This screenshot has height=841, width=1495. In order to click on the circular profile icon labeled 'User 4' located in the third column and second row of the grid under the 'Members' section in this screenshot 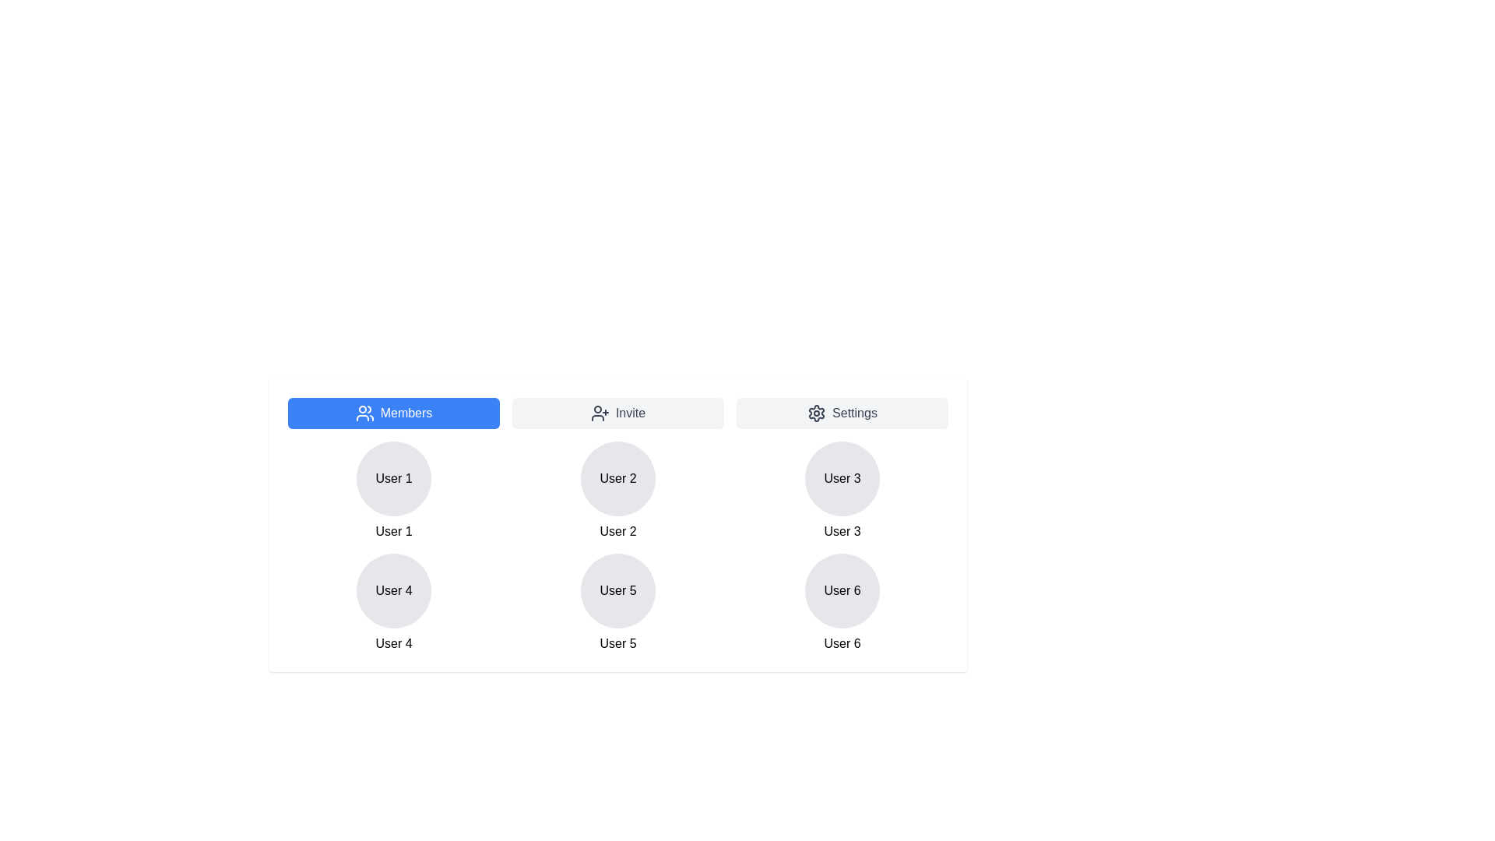, I will do `click(393, 591)`.